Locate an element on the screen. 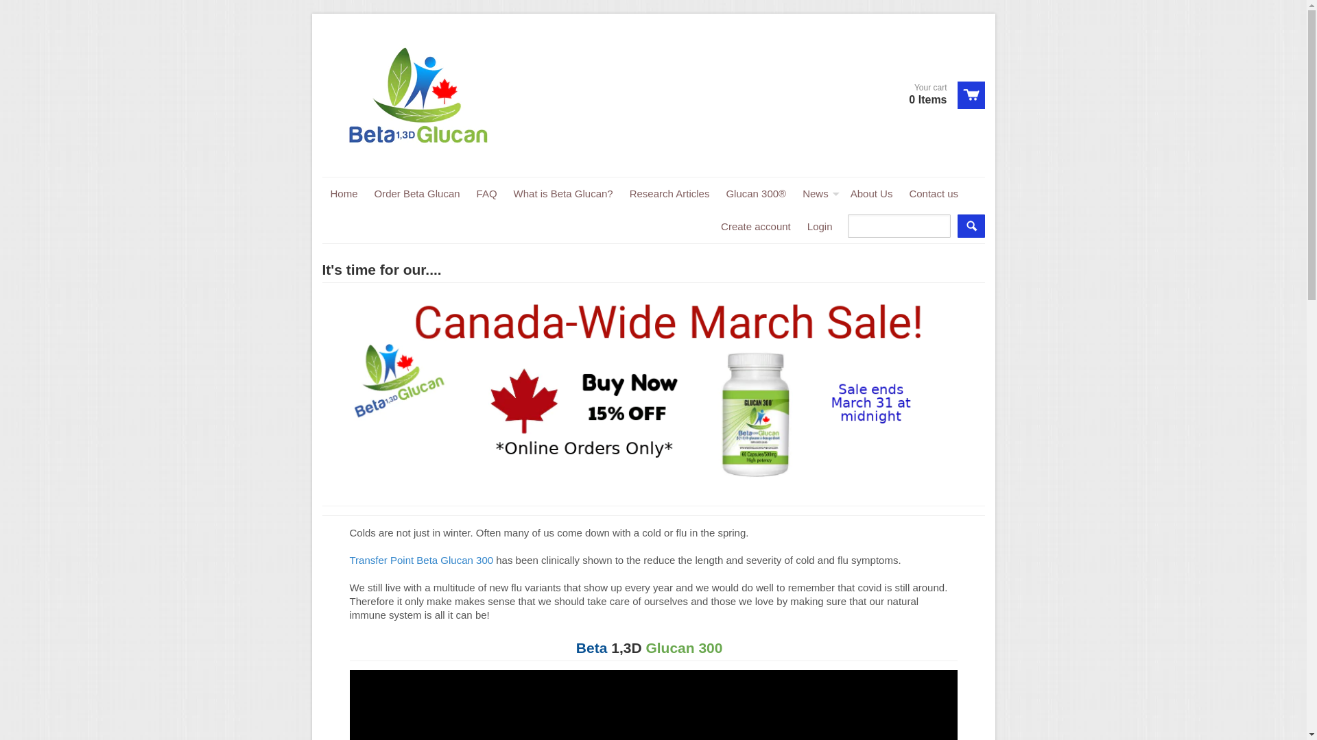 The image size is (1317, 740). 'View cart is located at coordinates (940, 94).